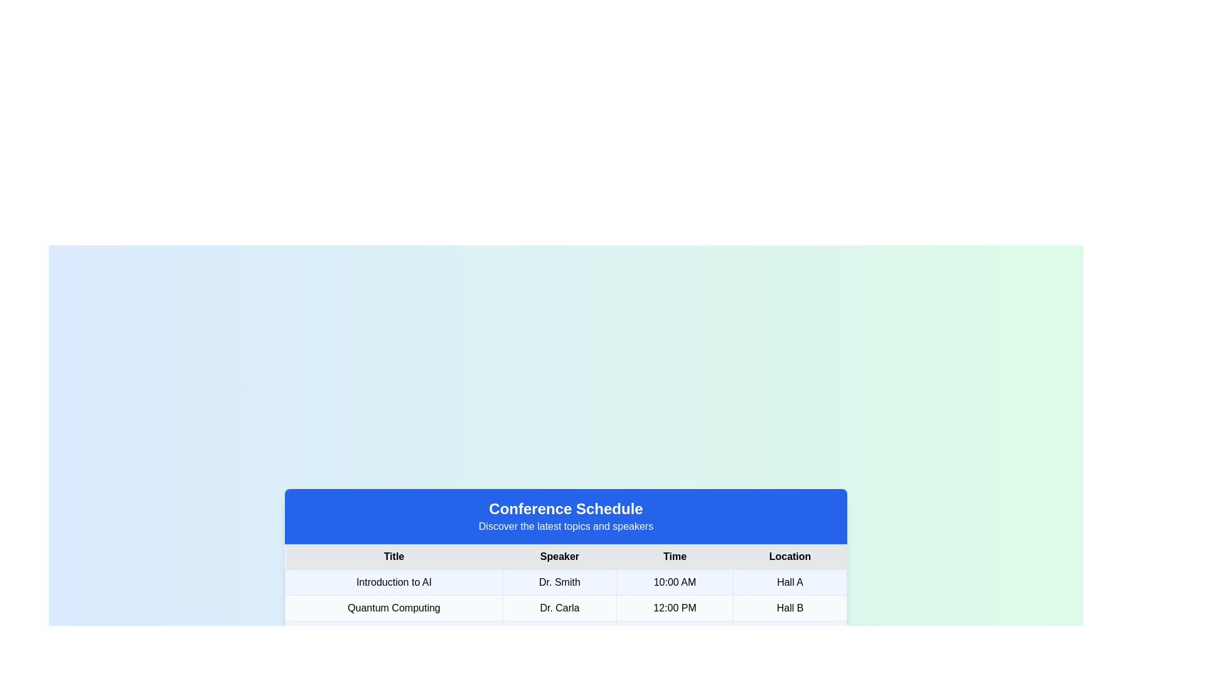  What do you see at coordinates (565, 607) in the screenshot?
I see `session details from the table row displaying 'Quantum Computing' by 'Dr. Carla' at '12:00 PM' in 'Hall B.'` at bounding box center [565, 607].